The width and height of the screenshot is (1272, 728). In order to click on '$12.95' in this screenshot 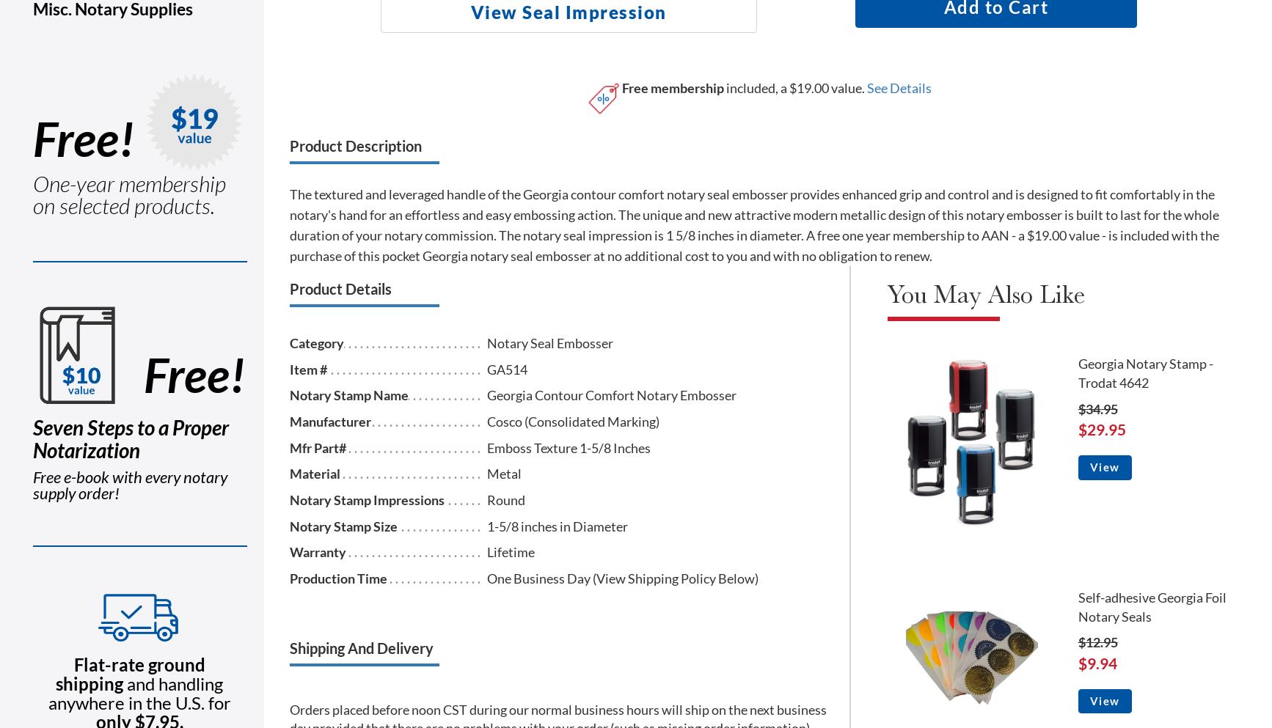, I will do `click(1096, 641)`.